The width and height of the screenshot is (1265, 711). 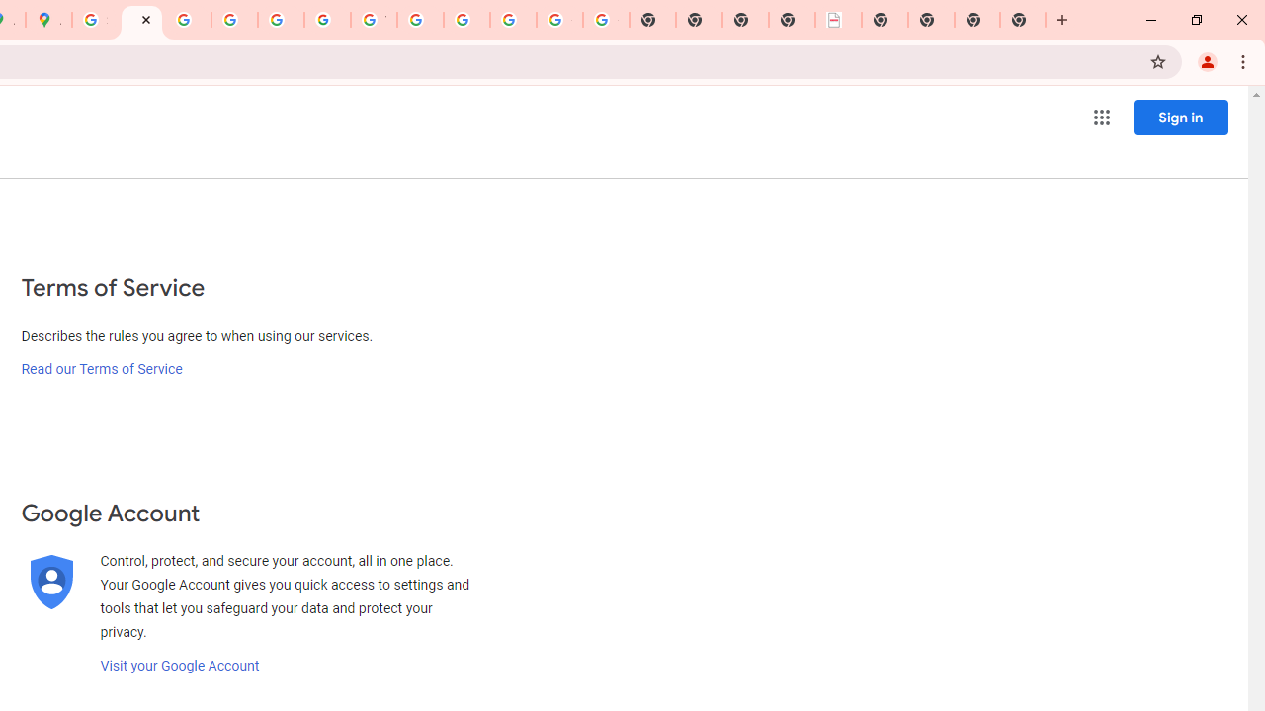 I want to click on 'Privacy Help Center - Policies Help', so click(x=188, y=20).